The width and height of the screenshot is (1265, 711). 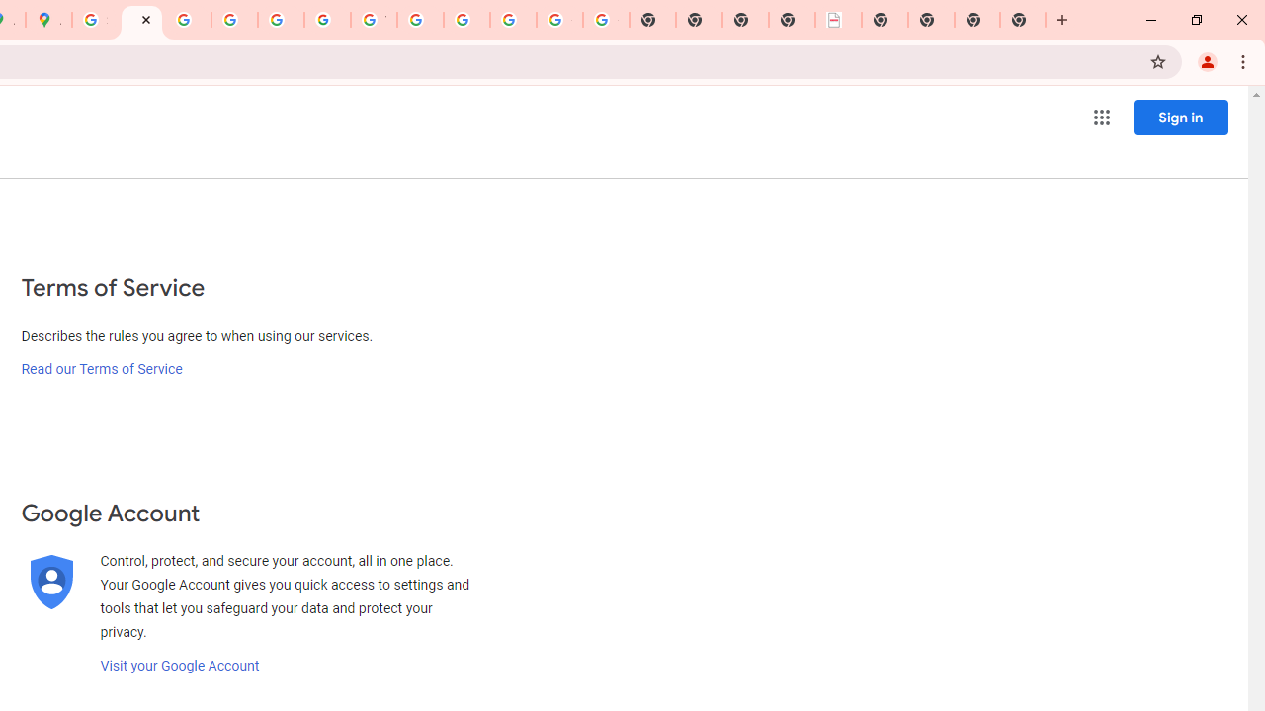 I want to click on 'Privacy Help Center - Policies Help', so click(x=188, y=20).